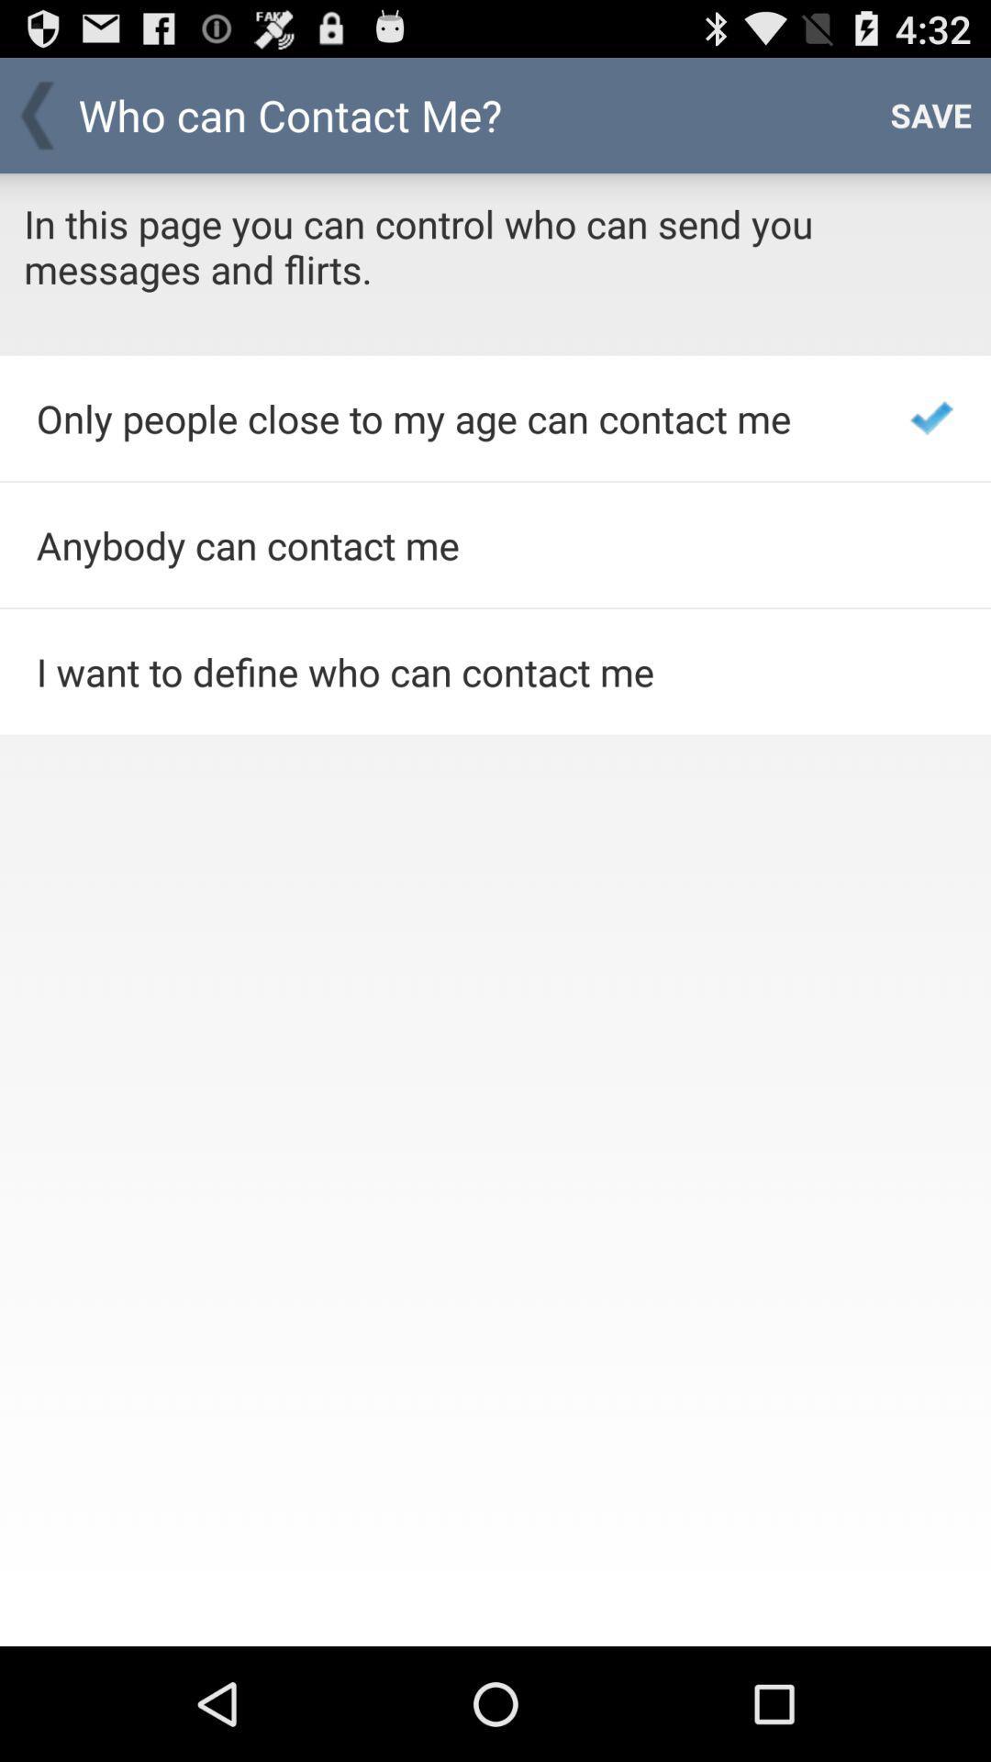  What do you see at coordinates (930, 114) in the screenshot?
I see `app to the right of the who can contact item` at bounding box center [930, 114].